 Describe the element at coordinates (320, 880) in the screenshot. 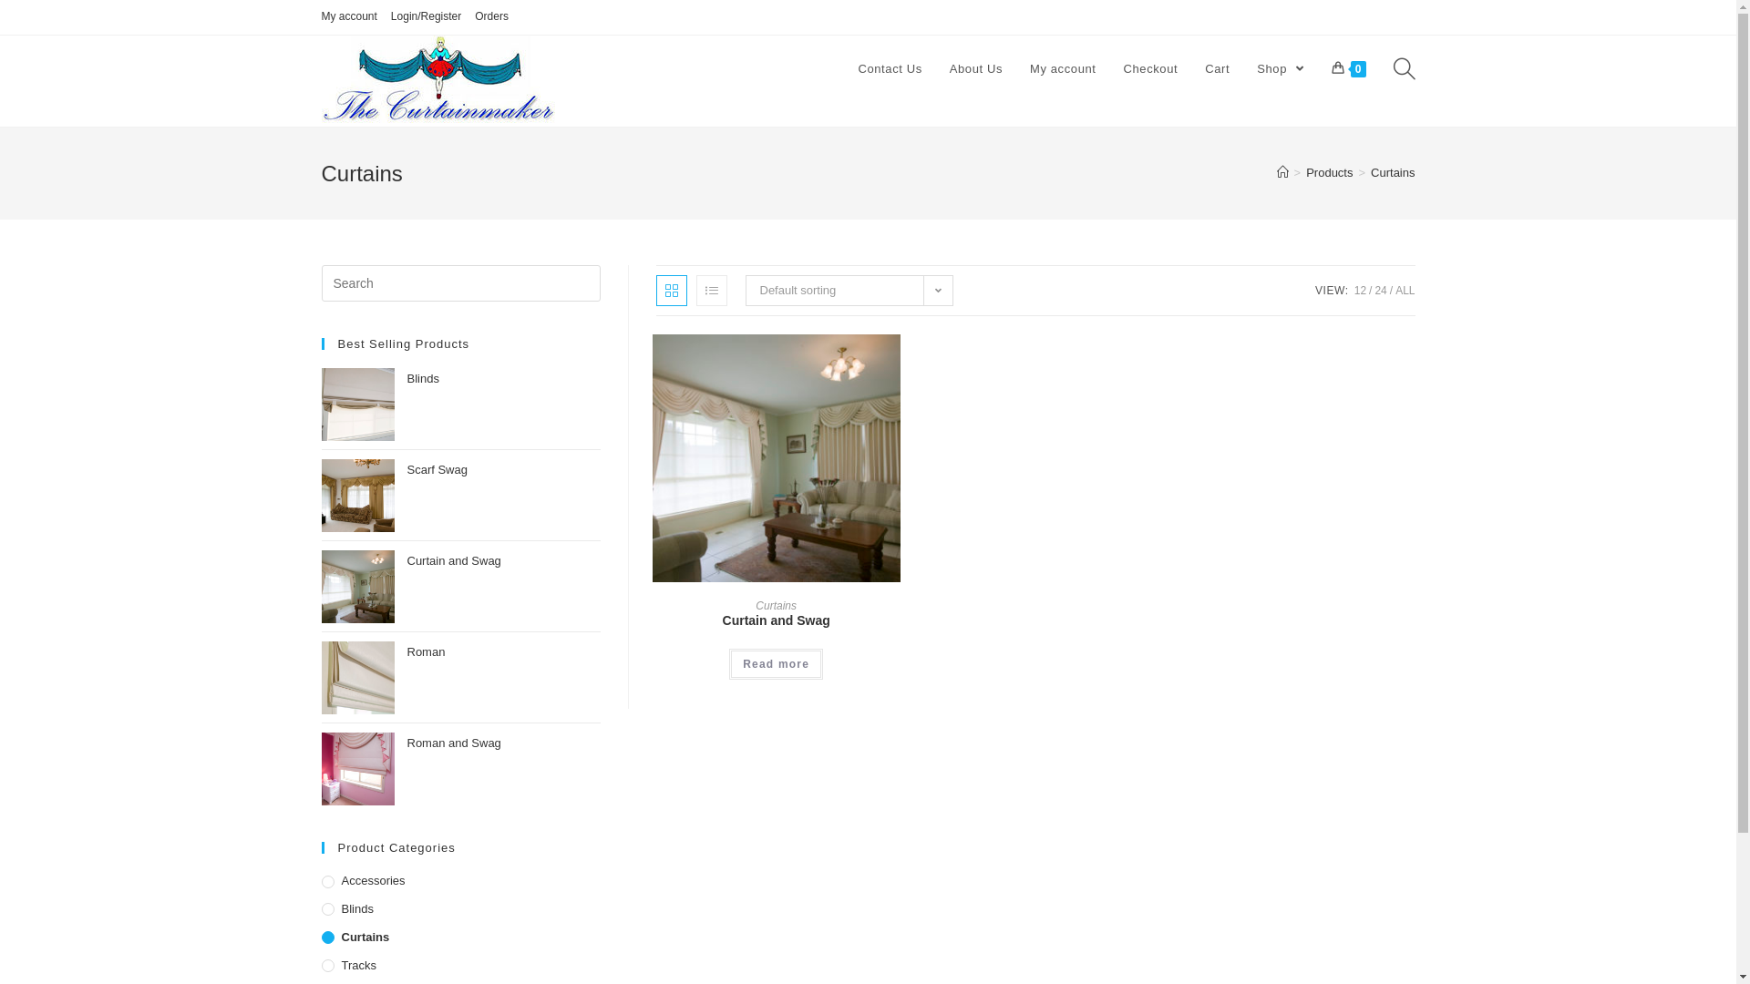

I see `'Accessories'` at that location.